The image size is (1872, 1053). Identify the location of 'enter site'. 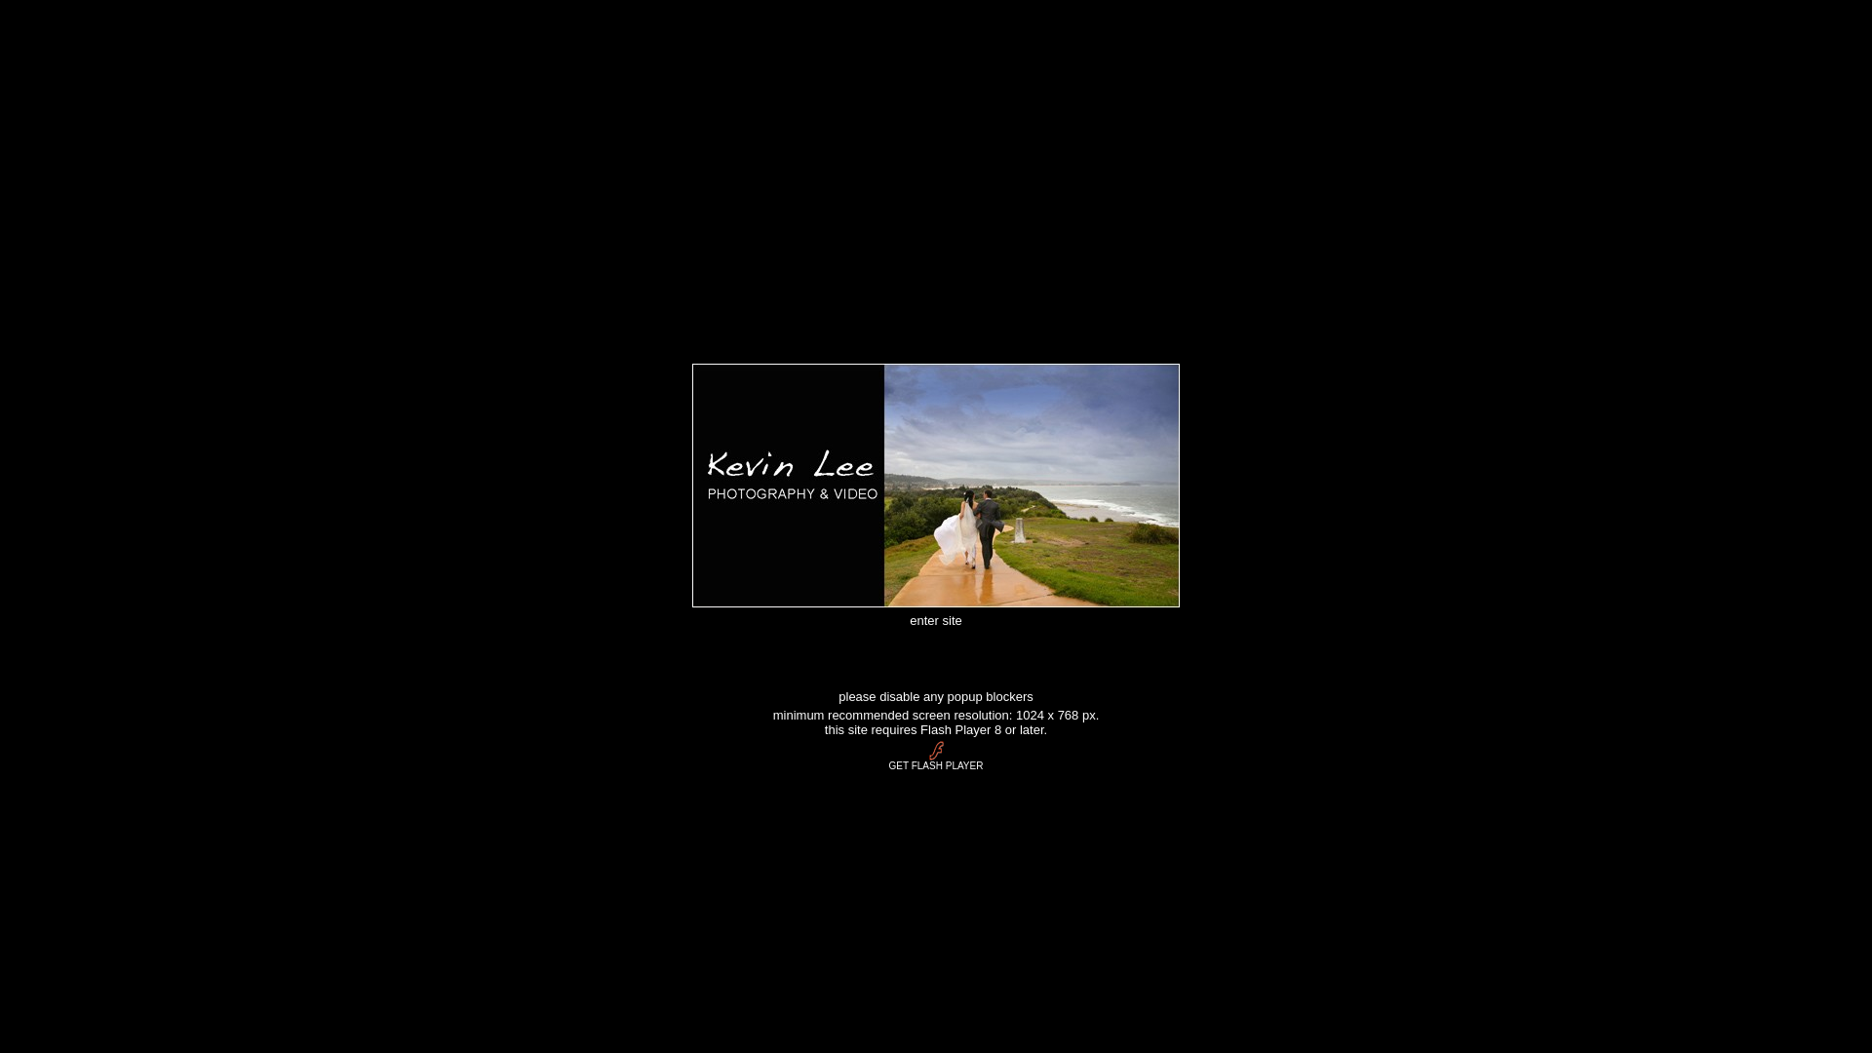
(934, 618).